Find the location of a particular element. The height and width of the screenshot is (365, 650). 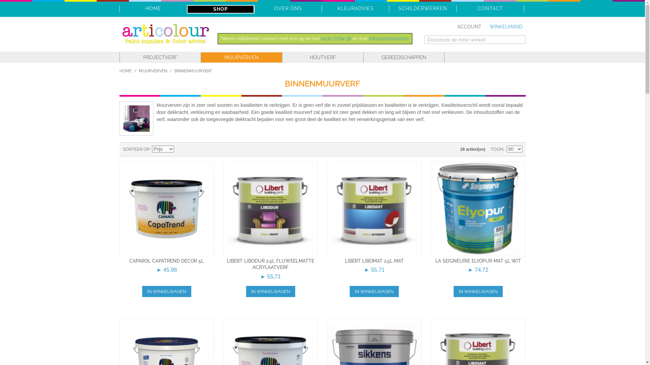

'HOME' is located at coordinates (125, 71).